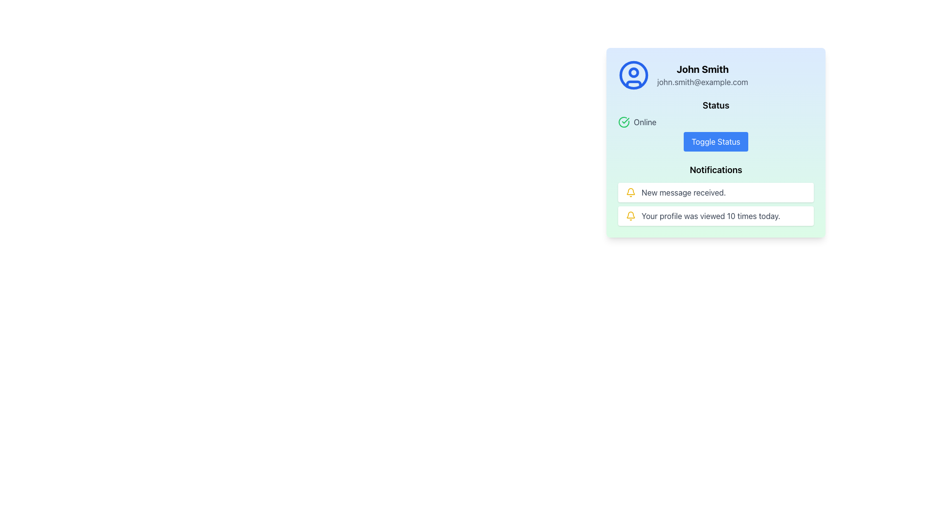 The height and width of the screenshot is (528, 939). I want to click on the Notification Item displaying profile views, located beneath 'New message received' in the Notifications list, so click(716, 216).